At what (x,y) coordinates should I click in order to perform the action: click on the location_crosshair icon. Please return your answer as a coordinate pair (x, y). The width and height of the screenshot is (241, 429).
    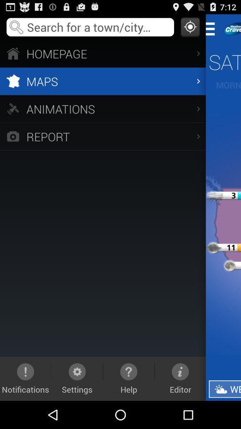
    Looking at the image, I should click on (190, 29).